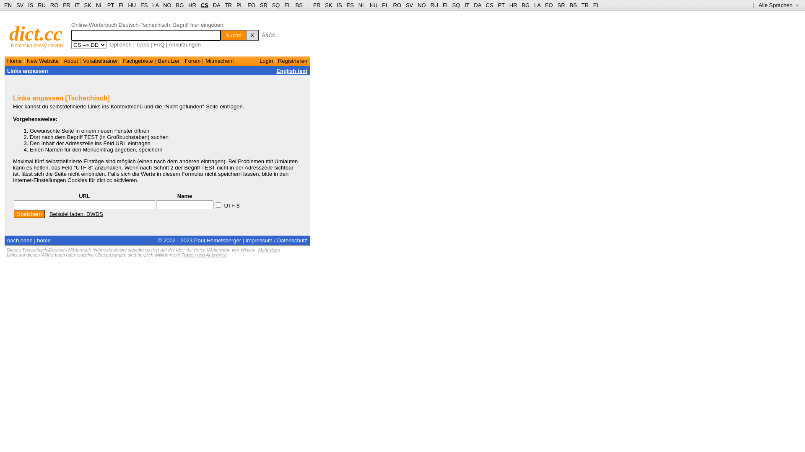 The image size is (805, 452). Describe the element at coordinates (466, 5) in the screenshot. I see `'IT'` at that location.